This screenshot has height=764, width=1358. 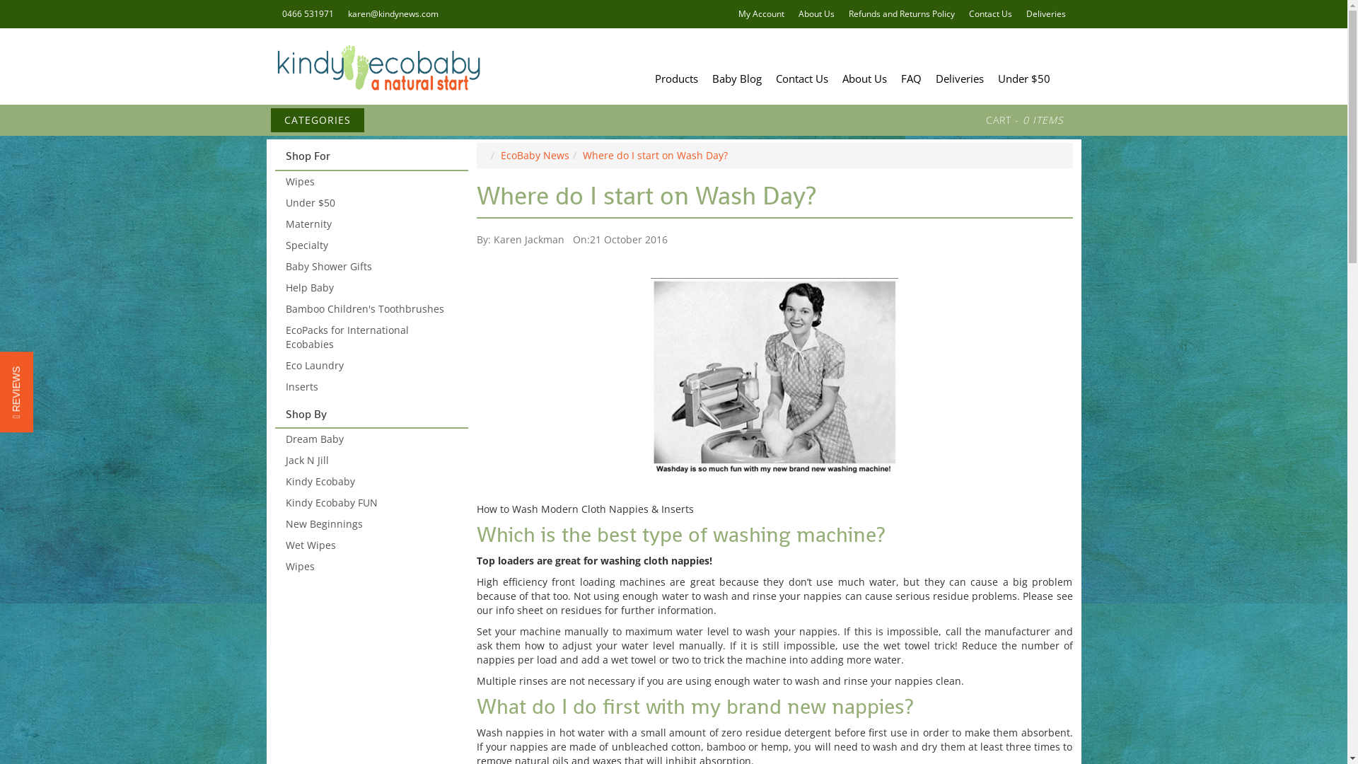 What do you see at coordinates (371, 387) in the screenshot?
I see `'Inserts'` at bounding box center [371, 387].